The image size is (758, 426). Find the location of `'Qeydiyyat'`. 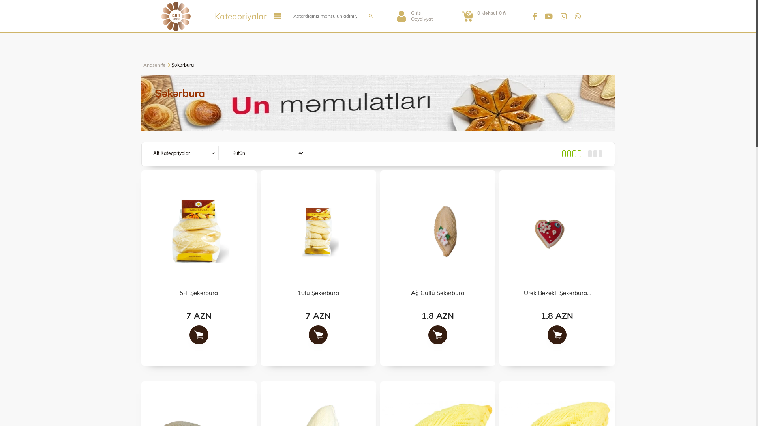

'Qeydiyyat' is located at coordinates (411, 18).